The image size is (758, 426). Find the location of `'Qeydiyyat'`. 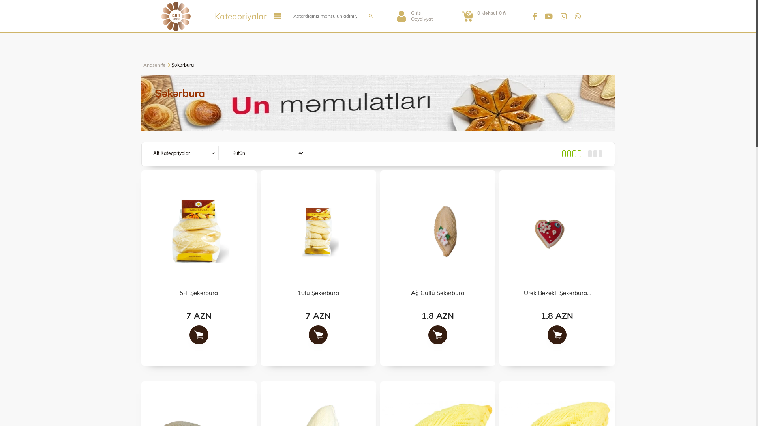

'Qeydiyyat' is located at coordinates (411, 18).